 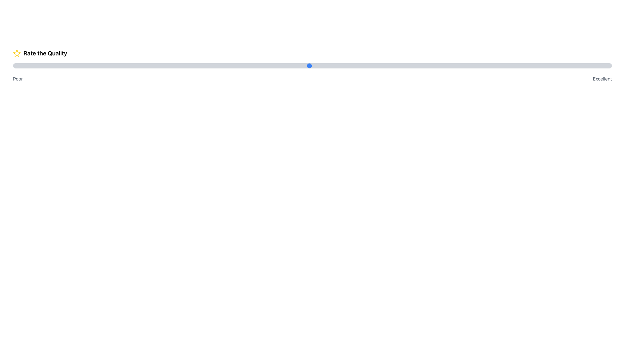 I want to click on the 'Poor' text label at the bottom left of the rating scale, which indicates the lowest rating, so click(x=18, y=79).